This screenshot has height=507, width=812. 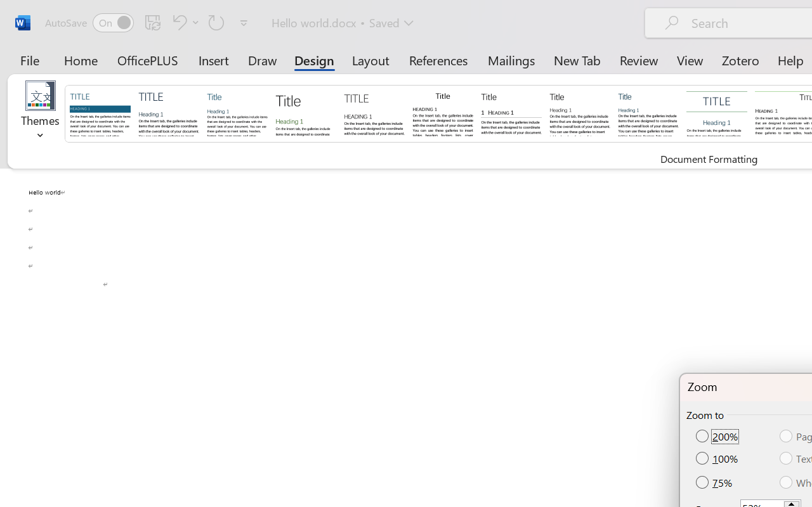 What do you see at coordinates (511, 60) in the screenshot?
I see `'Mailings'` at bounding box center [511, 60].